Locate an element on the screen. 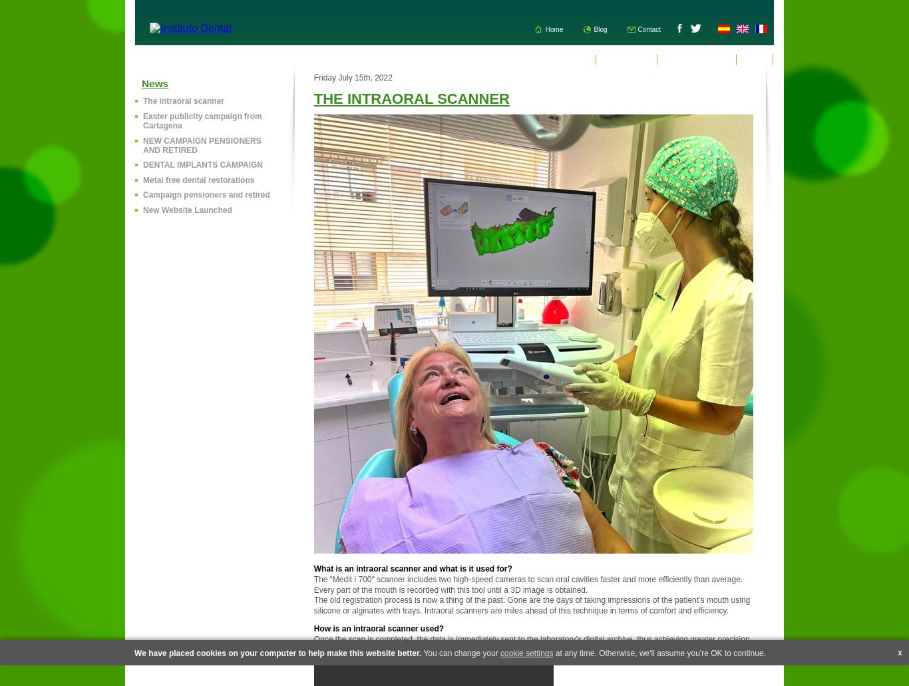 The height and width of the screenshot is (686, 909). 'Specialities' is located at coordinates (626, 59).